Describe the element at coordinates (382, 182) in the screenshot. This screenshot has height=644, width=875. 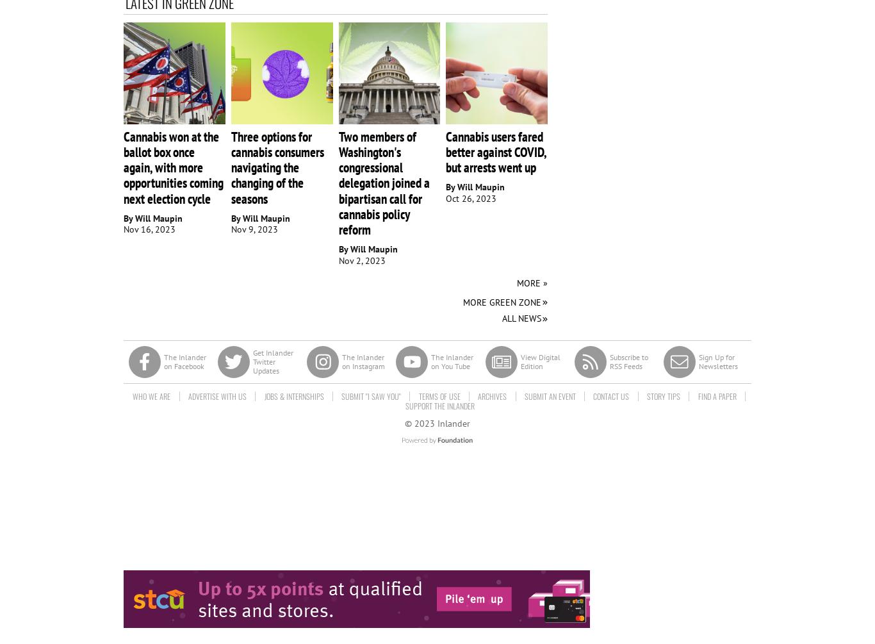
I see `'Two members of Washington's congressional delegation joined a bipartisan call for cannabis policy reform'` at that location.